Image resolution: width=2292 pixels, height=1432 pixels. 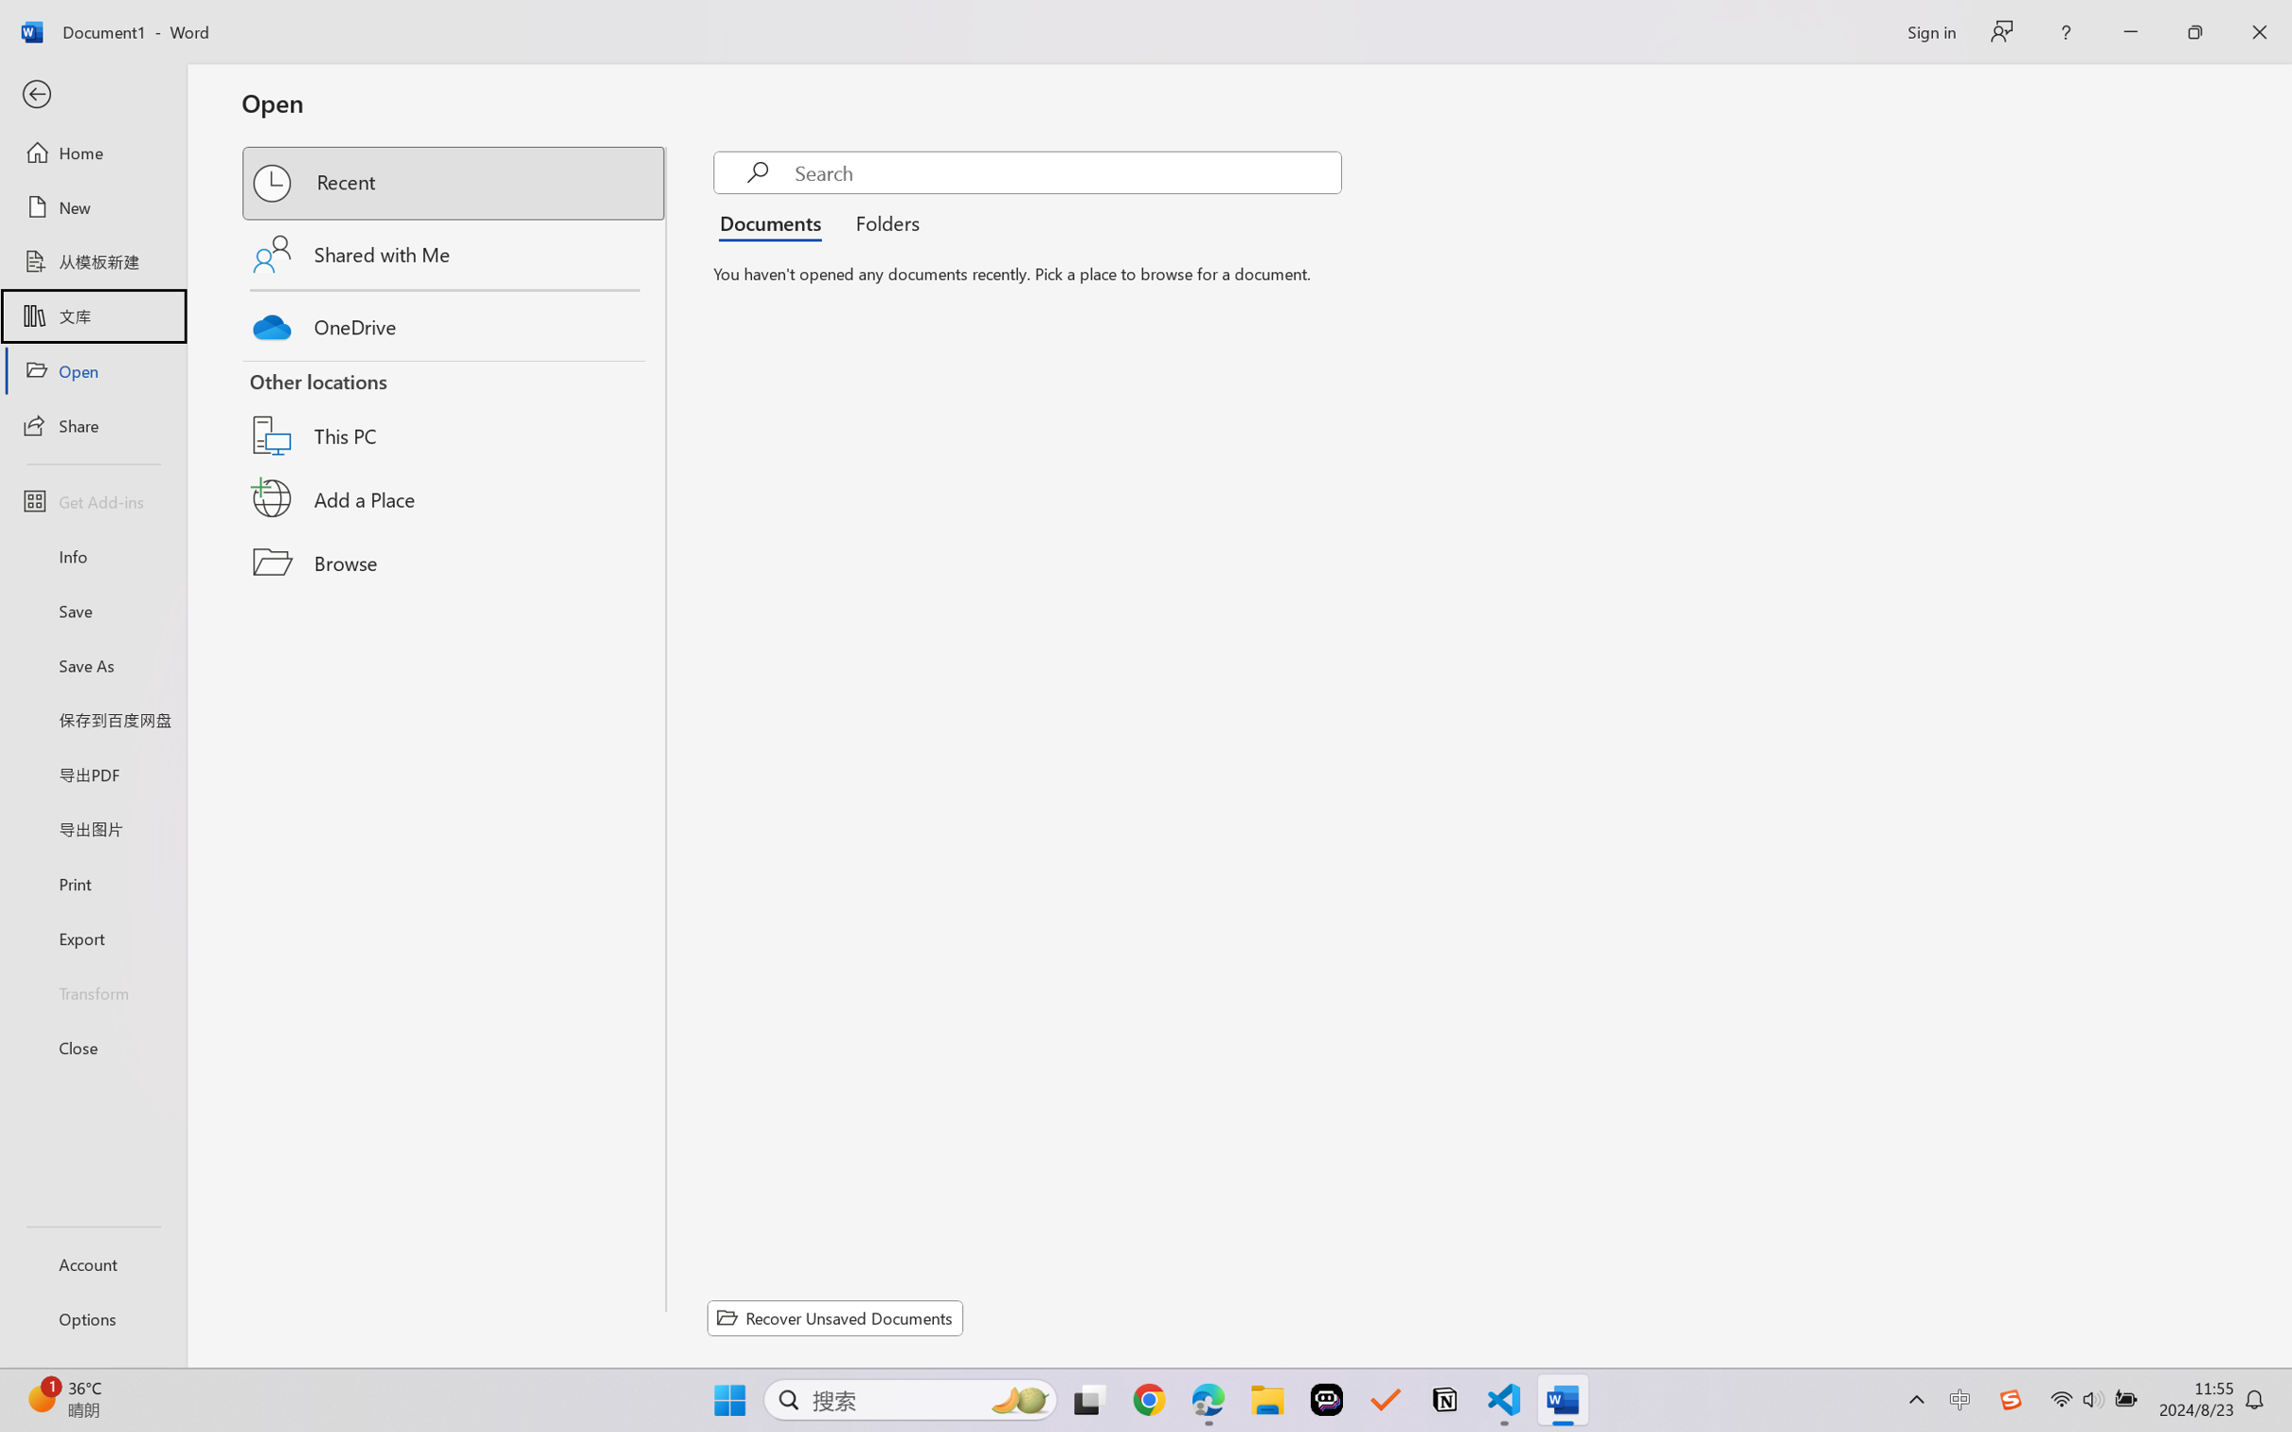 What do you see at coordinates (92, 555) in the screenshot?
I see `'Info'` at bounding box center [92, 555].